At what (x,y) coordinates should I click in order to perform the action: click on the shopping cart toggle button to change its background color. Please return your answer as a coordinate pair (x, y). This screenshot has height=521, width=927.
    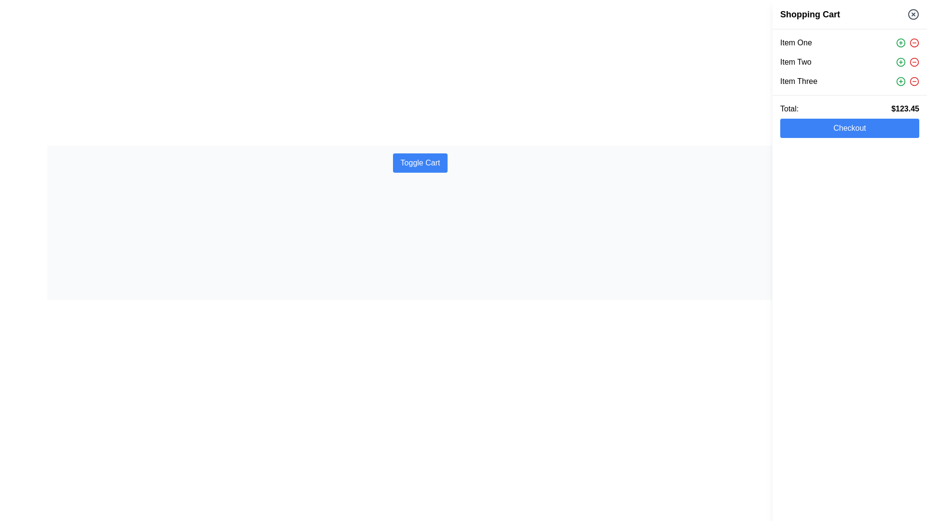
    Looking at the image, I should click on (420, 163).